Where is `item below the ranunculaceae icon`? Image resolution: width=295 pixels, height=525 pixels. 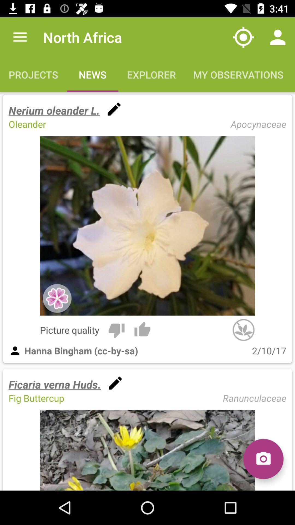 item below the ranunculaceae icon is located at coordinates (263, 459).